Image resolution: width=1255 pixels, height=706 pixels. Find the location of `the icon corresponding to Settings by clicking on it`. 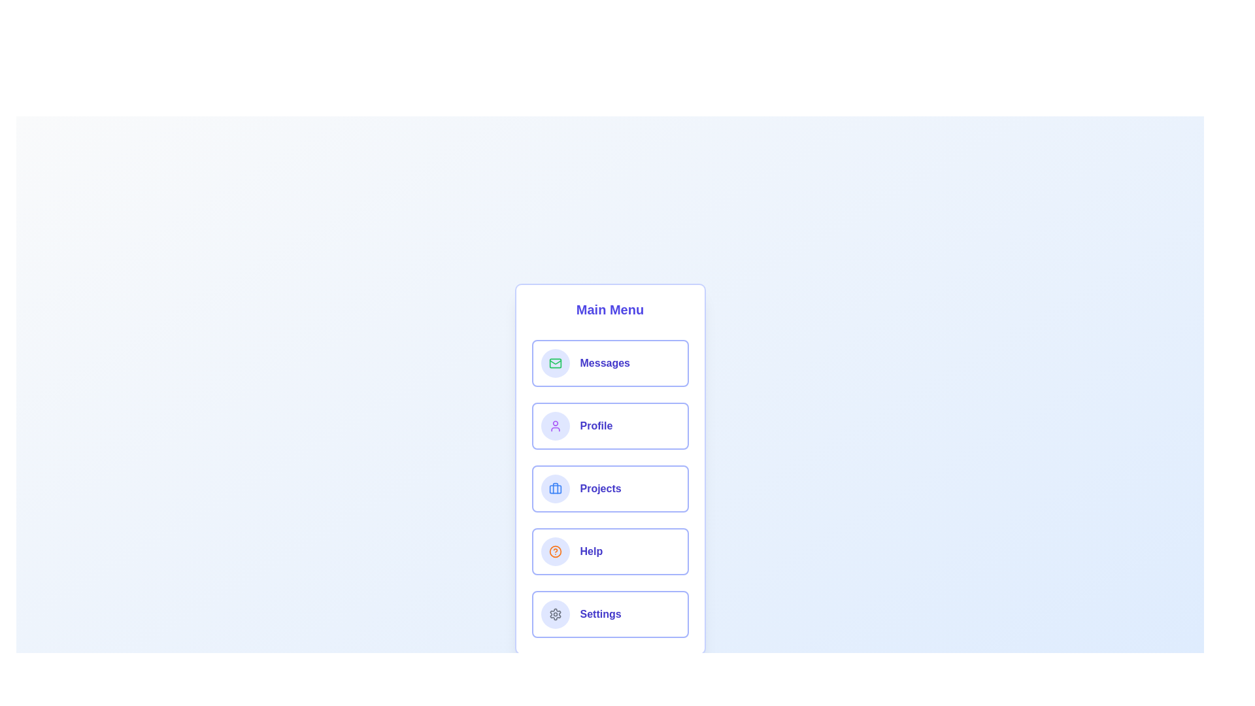

the icon corresponding to Settings by clicking on it is located at coordinates (555, 614).